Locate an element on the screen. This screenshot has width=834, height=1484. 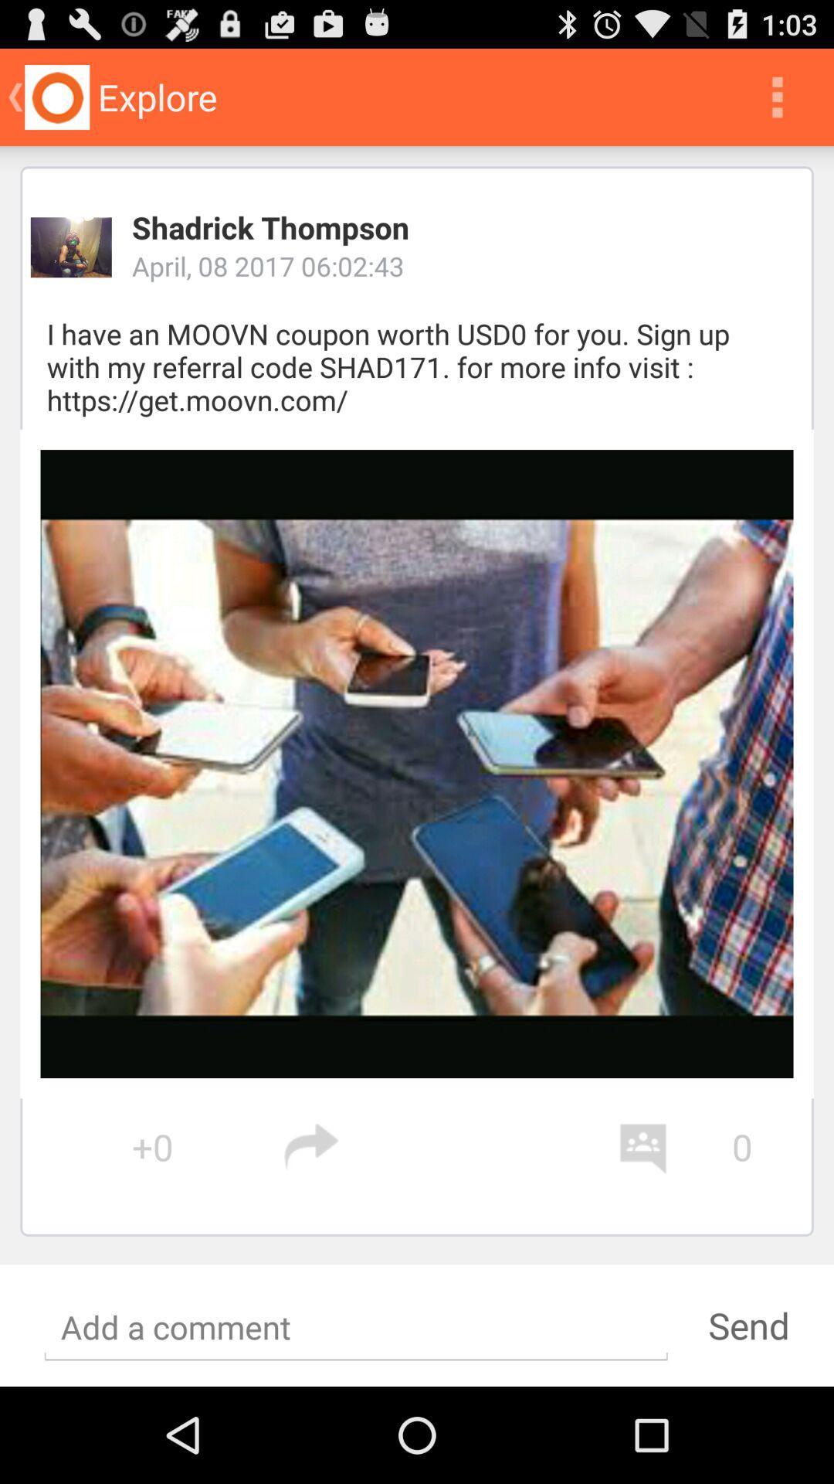
app to the left of shadrick thompson app is located at coordinates (71, 247).